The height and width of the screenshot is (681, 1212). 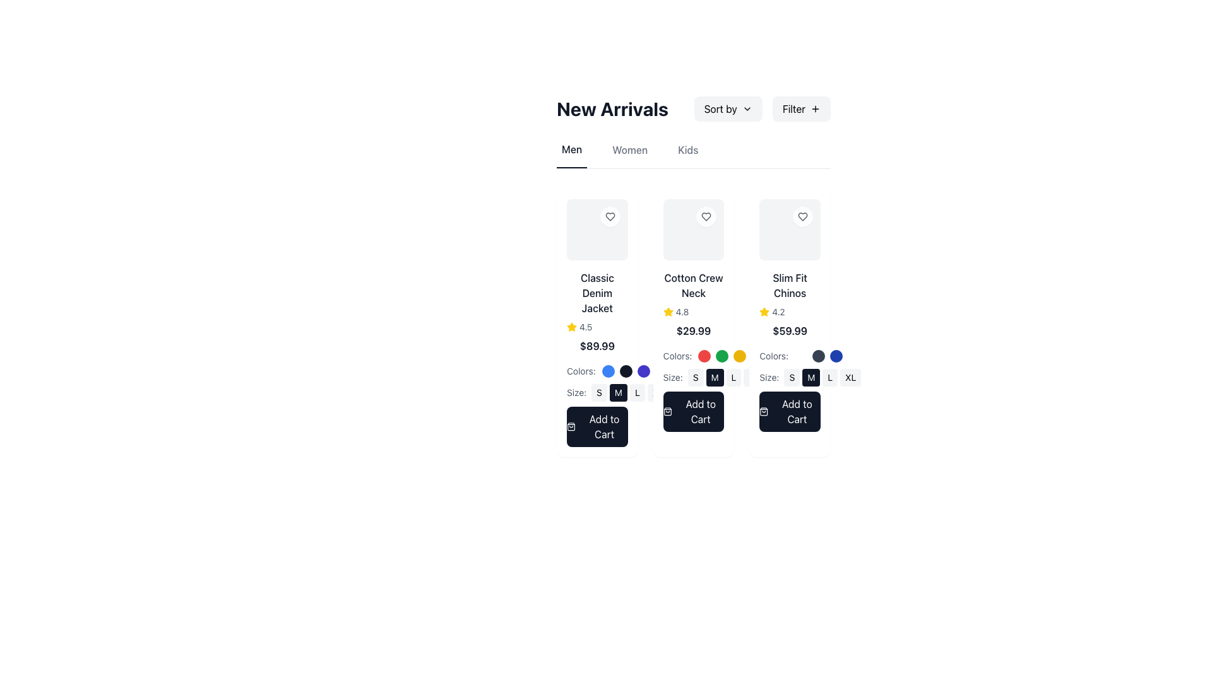 I want to click on the 'XL' button in the bottom row of the 'Slim Fit Chinos' product card, so click(x=850, y=376).